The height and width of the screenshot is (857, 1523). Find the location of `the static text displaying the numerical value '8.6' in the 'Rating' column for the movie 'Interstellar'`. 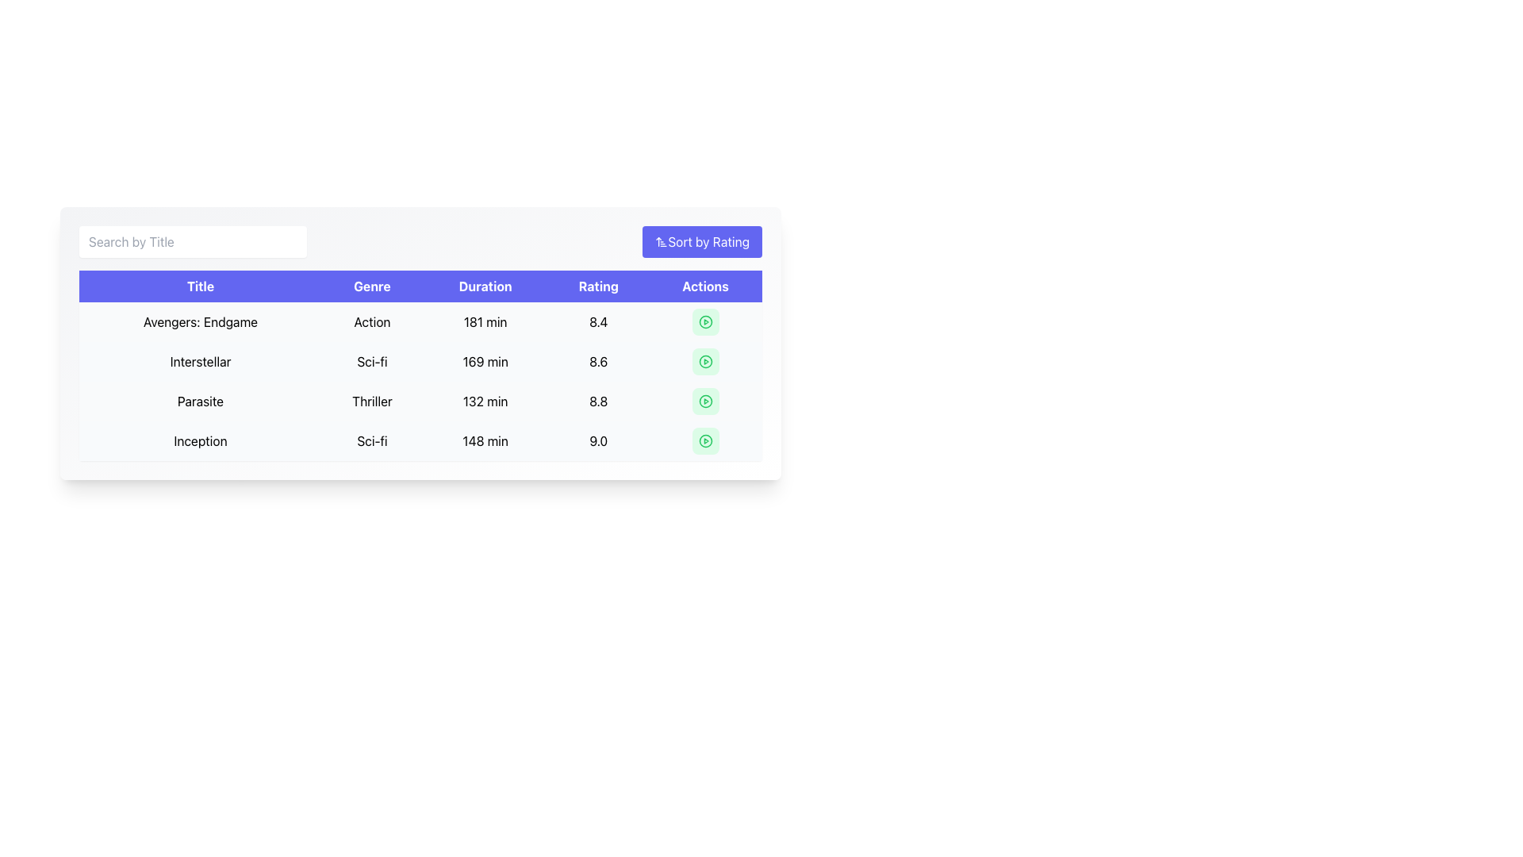

the static text displaying the numerical value '8.6' in the 'Rating' column for the movie 'Interstellar' is located at coordinates (597, 361).